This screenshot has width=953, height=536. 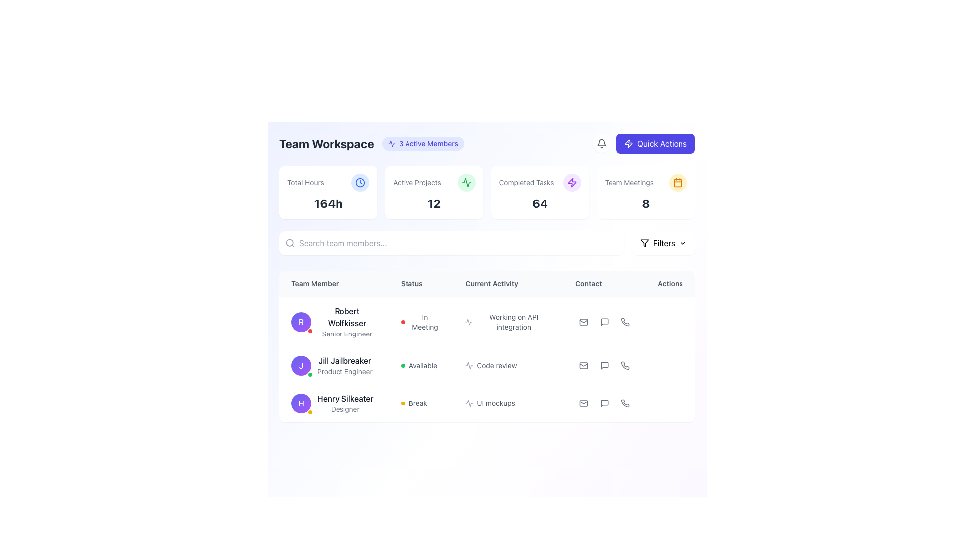 What do you see at coordinates (625, 365) in the screenshot?
I see `the phone icon with a grayscale appearance located in the 'Actions' column of the second row associated with the user 'Jill Jailbreaker' to gain additional information` at bounding box center [625, 365].